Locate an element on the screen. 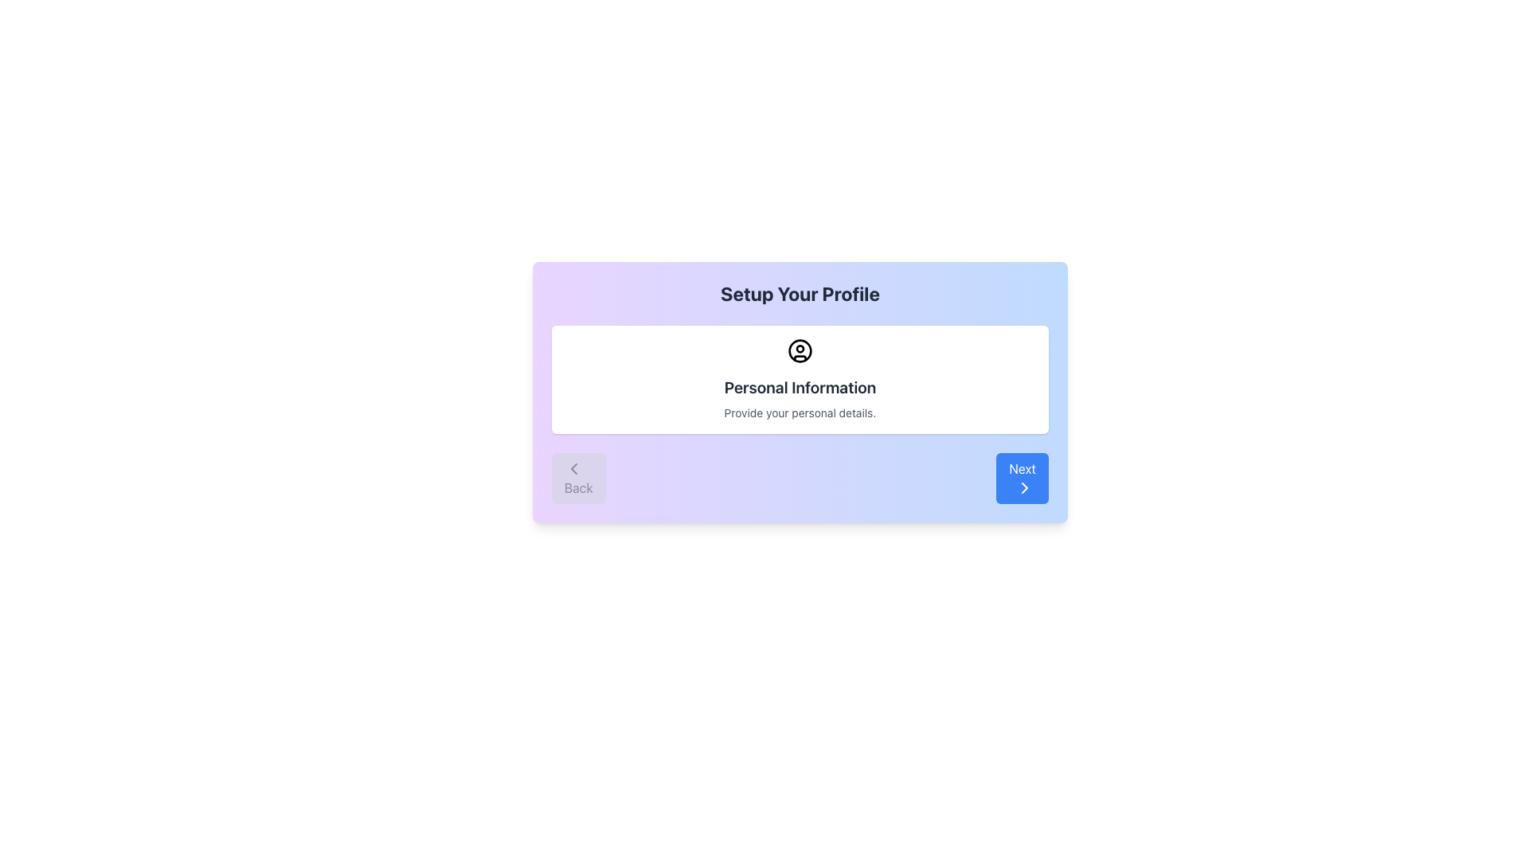 This screenshot has height=860, width=1529. the largest SVG circle in the user avatar icon located centrally in the 'Setup Your Profile' card section is located at coordinates (800, 350).